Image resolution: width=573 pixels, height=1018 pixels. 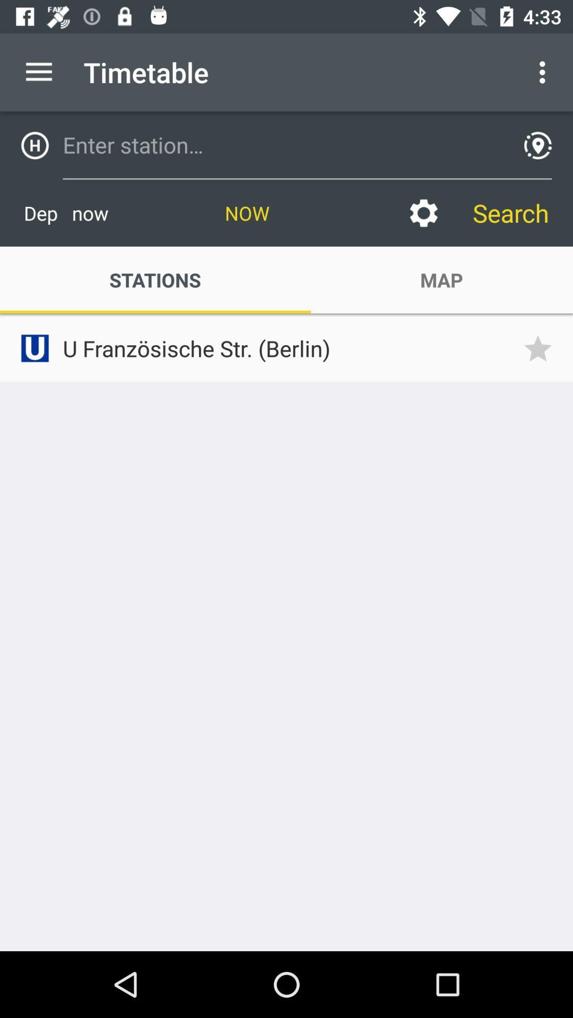 What do you see at coordinates (38, 72) in the screenshot?
I see `the icon to the left of the timetable icon` at bounding box center [38, 72].